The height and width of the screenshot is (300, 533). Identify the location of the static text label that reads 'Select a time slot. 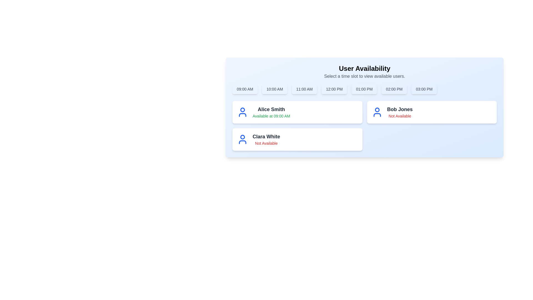
(364, 76).